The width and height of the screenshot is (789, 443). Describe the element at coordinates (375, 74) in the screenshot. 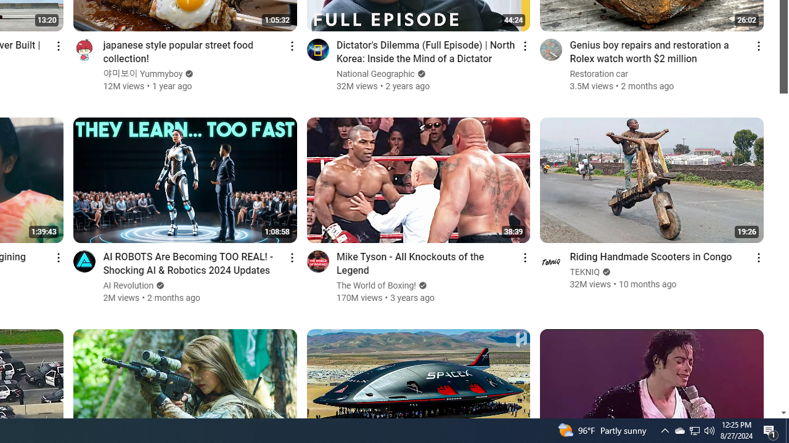

I see `'National Geographic'` at that location.